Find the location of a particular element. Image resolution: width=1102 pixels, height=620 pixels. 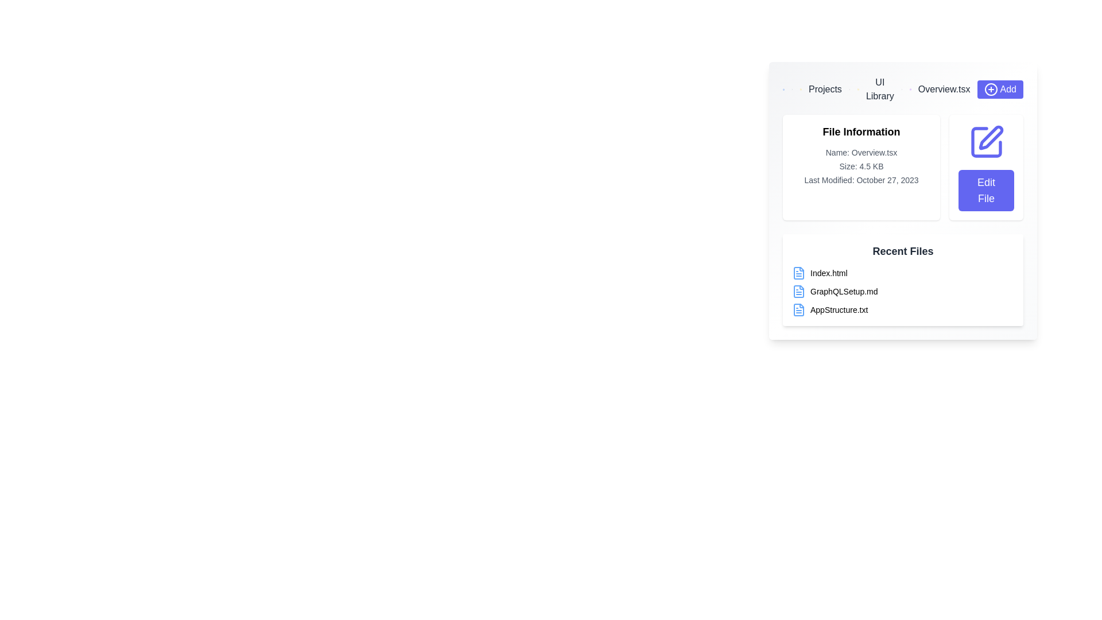

the 'Add' button in the breadcrumb navigation bar is located at coordinates (902, 88).